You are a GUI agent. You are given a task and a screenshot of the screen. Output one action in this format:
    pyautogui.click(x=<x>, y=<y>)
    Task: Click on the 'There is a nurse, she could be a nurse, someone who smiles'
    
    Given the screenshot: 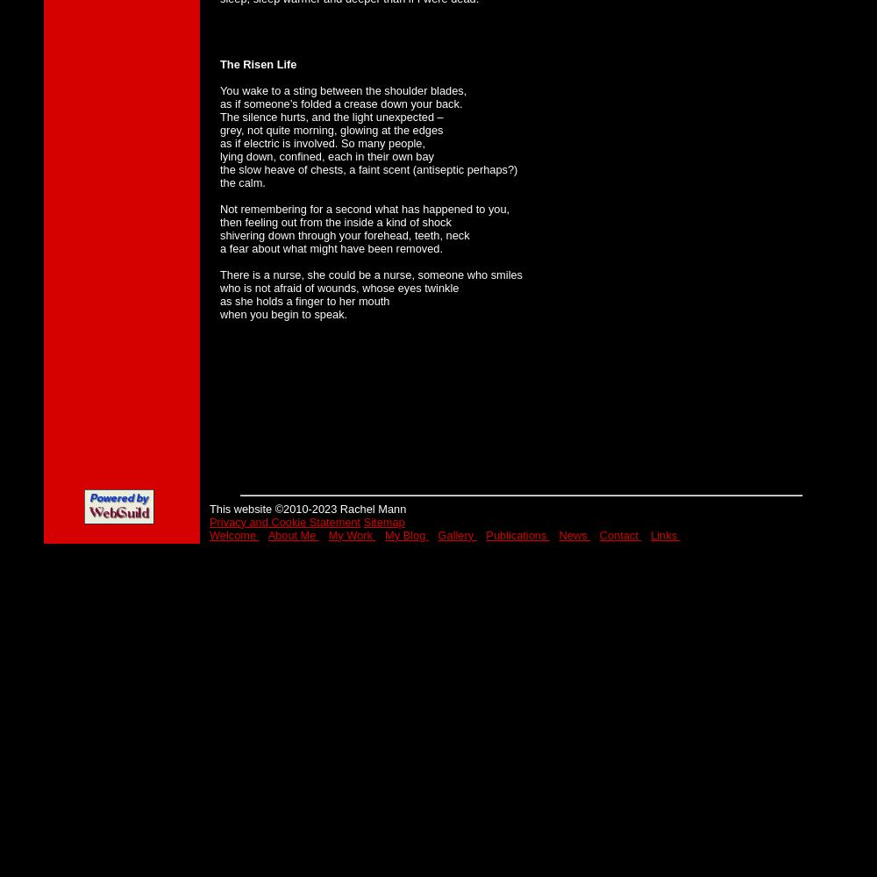 What is the action you would take?
    pyautogui.click(x=220, y=274)
    